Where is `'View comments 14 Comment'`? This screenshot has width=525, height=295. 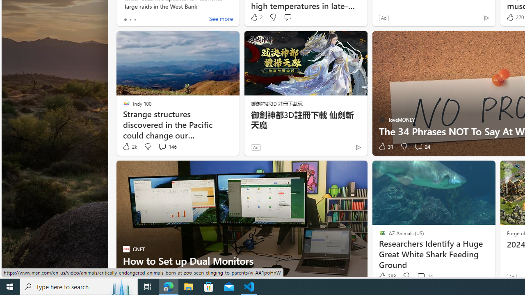 'View comments 14 Comment' is located at coordinates (421, 276).